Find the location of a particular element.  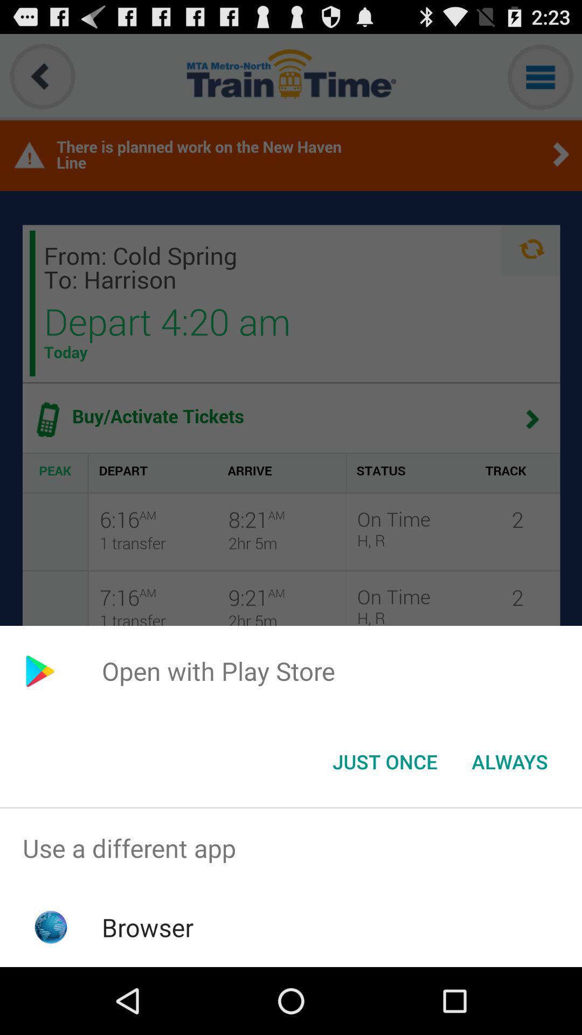

button next to always icon is located at coordinates (384, 761).